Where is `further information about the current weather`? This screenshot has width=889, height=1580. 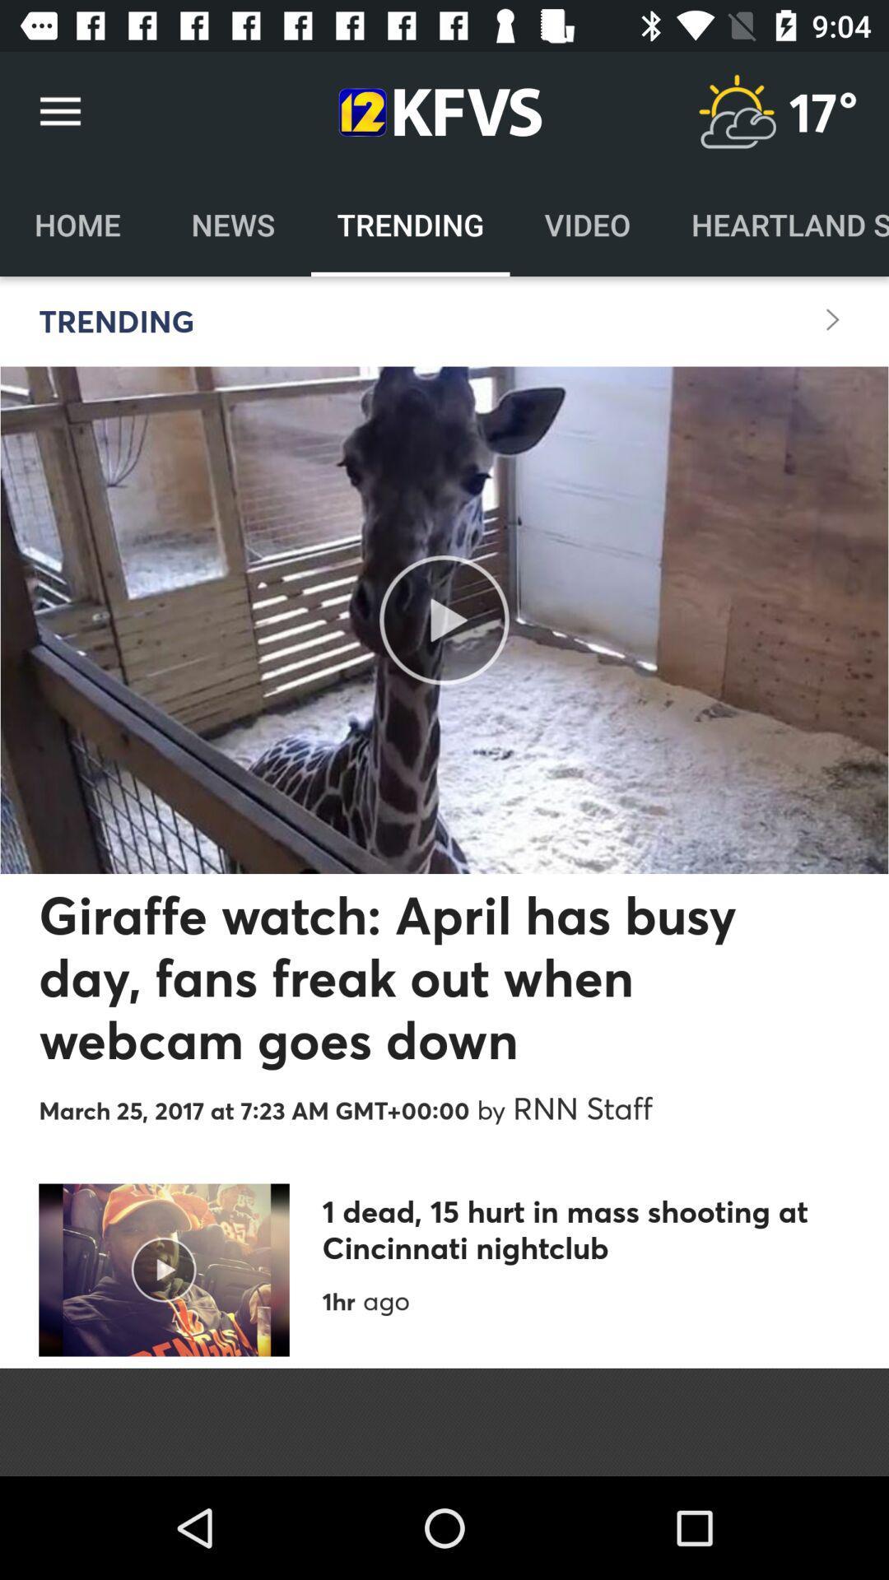
further information about the current weather is located at coordinates (736, 111).